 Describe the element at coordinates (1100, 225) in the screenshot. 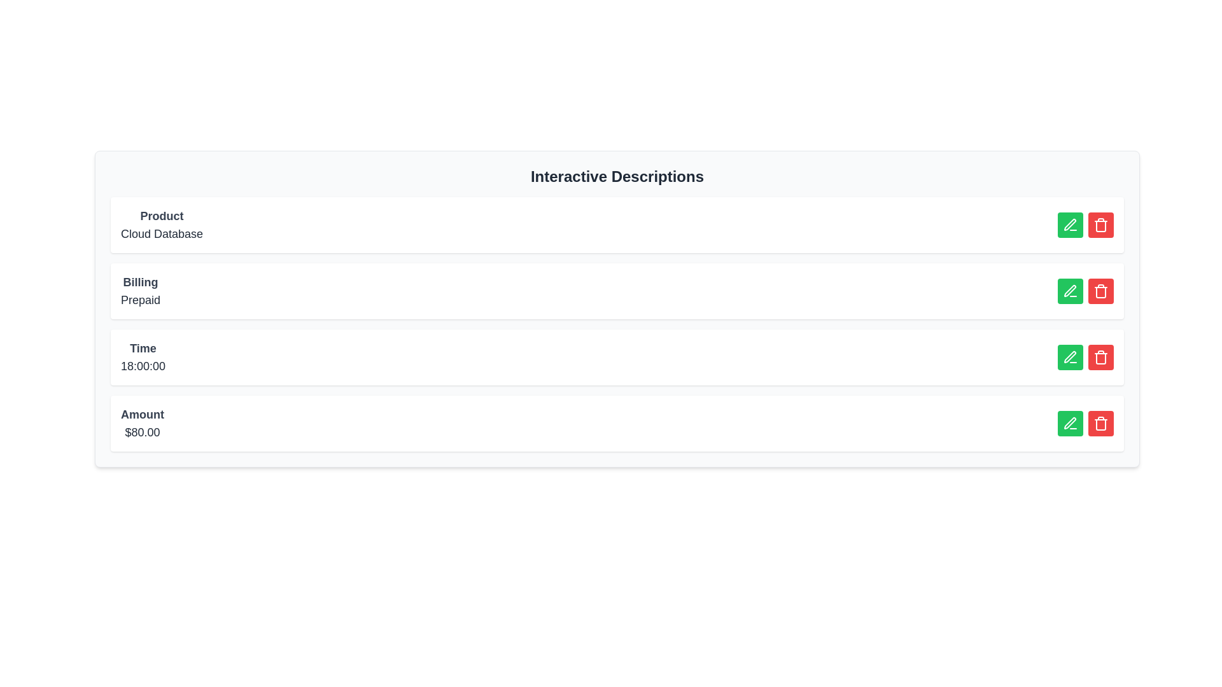

I see `the trash bin icon` at that location.